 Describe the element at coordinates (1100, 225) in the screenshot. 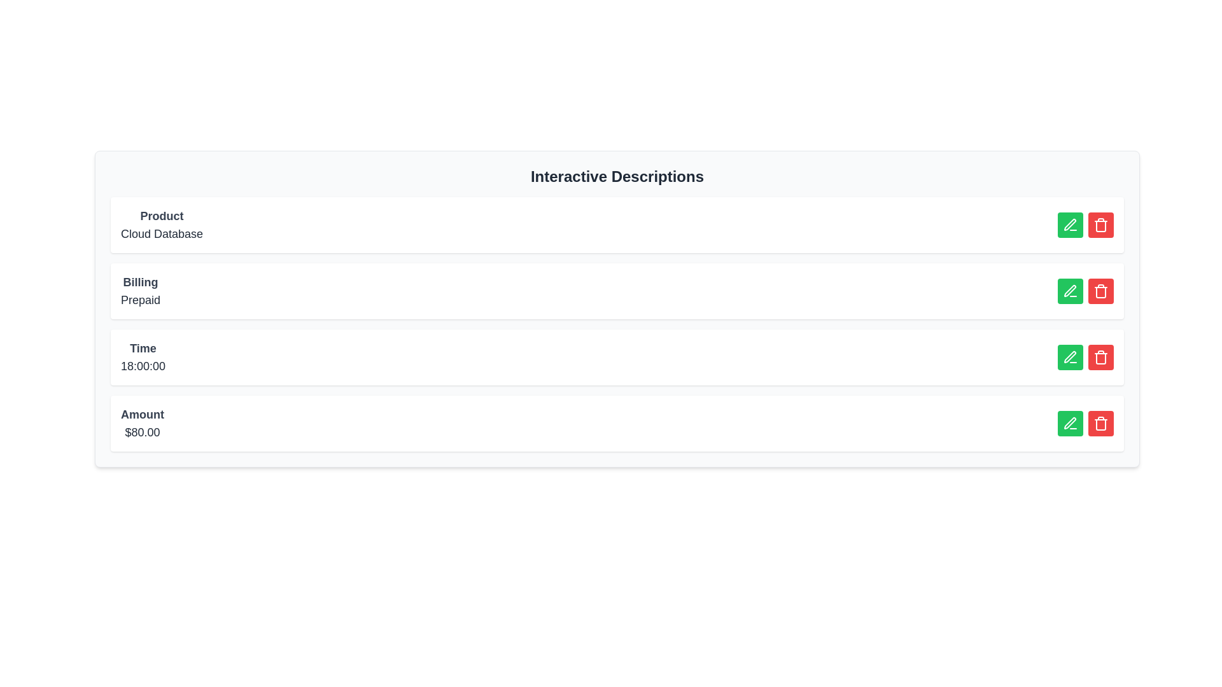

I see `the trash bin icon` at that location.